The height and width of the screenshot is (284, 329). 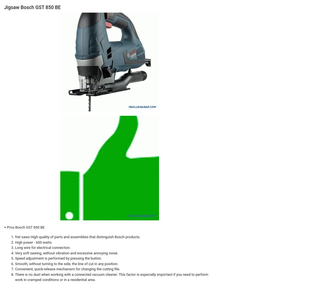 I want to click on 'Convenient, quick-release mechanism for changing the cutting file.', so click(x=67, y=269).